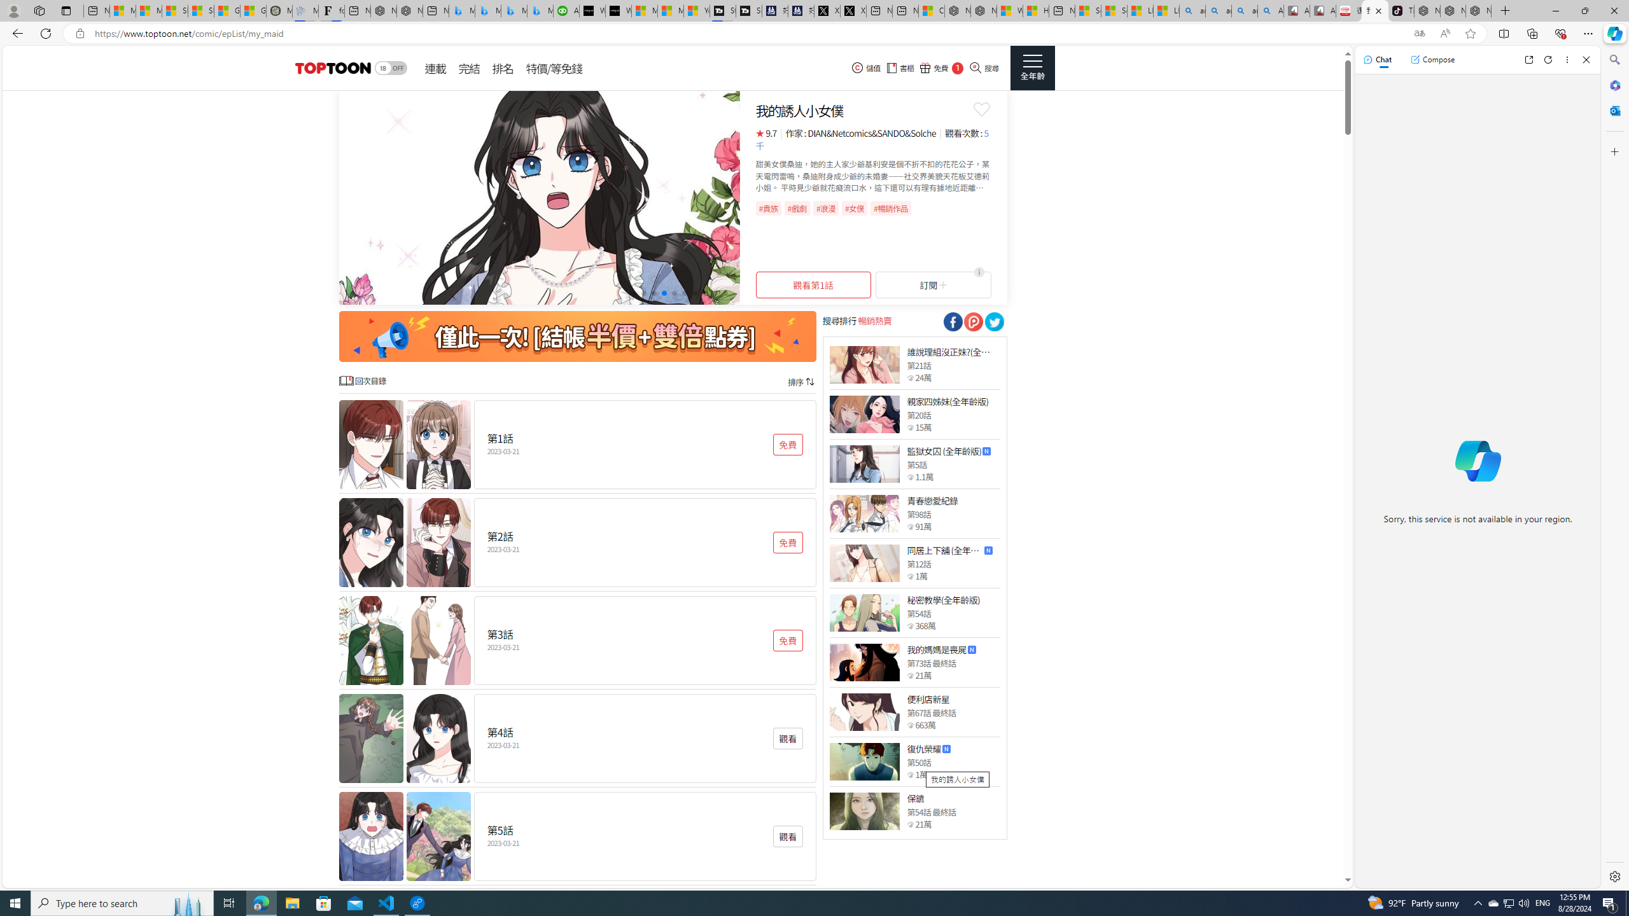 This screenshot has height=916, width=1629. What do you see at coordinates (643, 292) in the screenshot?
I see `'Go to slide 2'` at bounding box center [643, 292].